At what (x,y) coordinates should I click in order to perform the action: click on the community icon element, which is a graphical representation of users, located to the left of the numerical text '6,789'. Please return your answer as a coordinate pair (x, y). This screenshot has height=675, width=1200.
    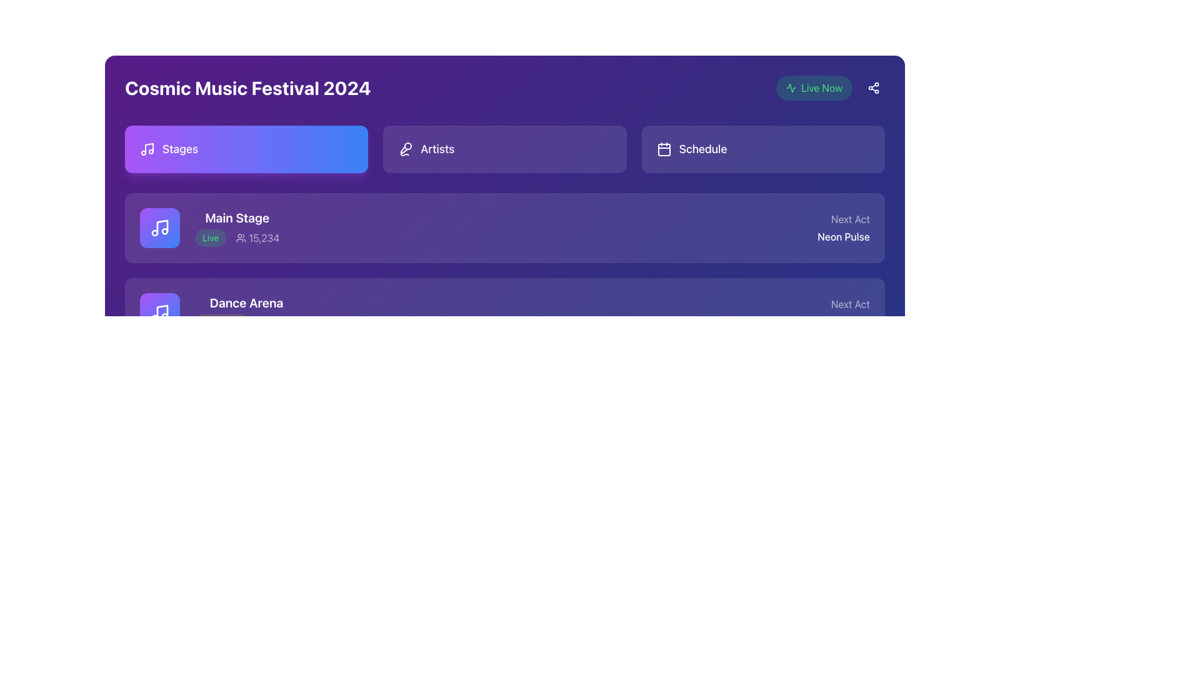
    Looking at the image, I should click on (241, 407).